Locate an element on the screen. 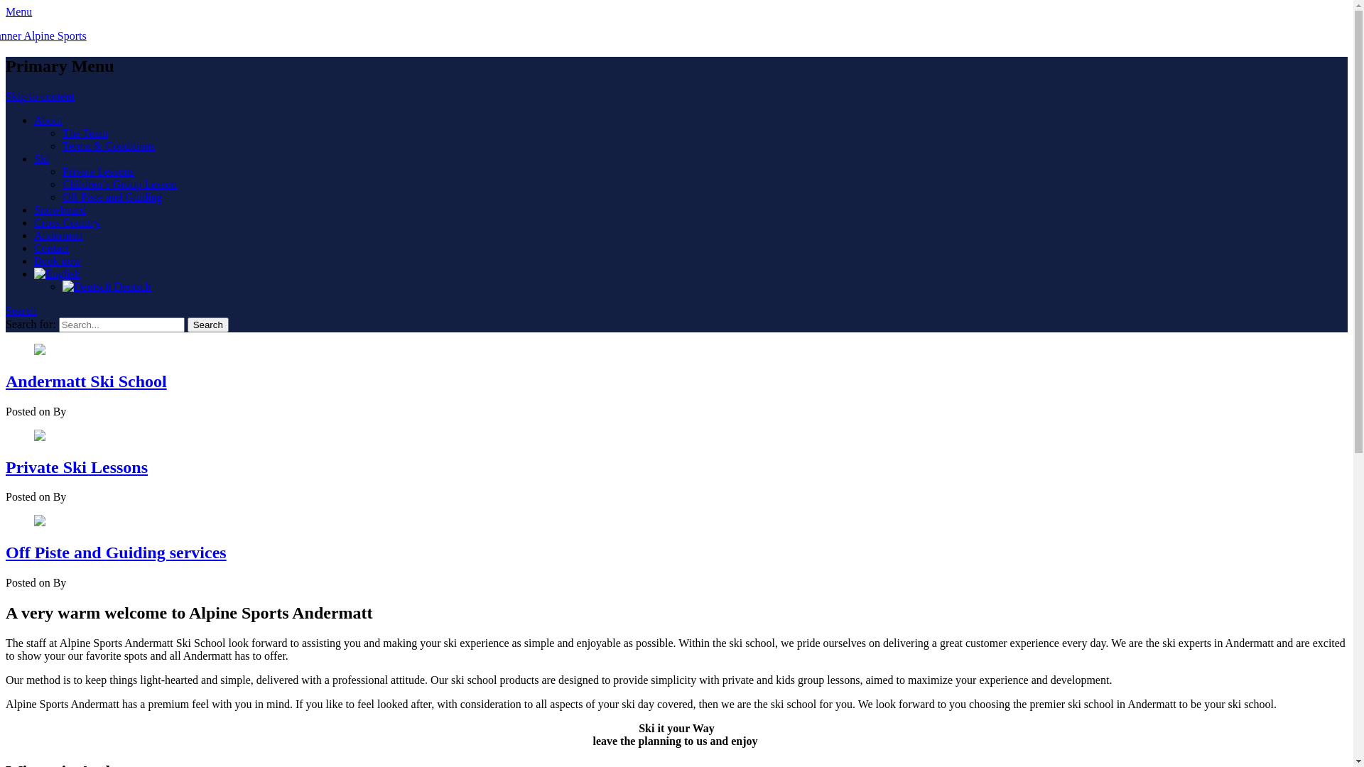  'Permalink to: Off Piste and Guiding services' is located at coordinates (34, 522).